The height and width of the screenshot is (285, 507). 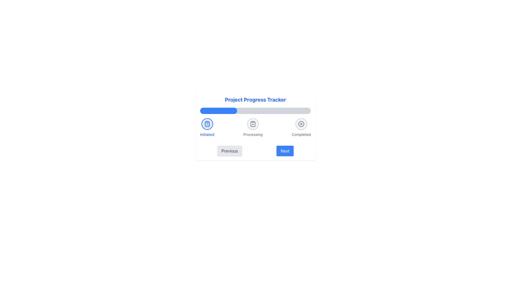 What do you see at coordinates (301, 124) in the screenshot?
I see `the SVG circle node that represents the outermost part of the 'Completed' status icon, located in the bottom-right section of the progress tracker` at bounding box center [301, 124].